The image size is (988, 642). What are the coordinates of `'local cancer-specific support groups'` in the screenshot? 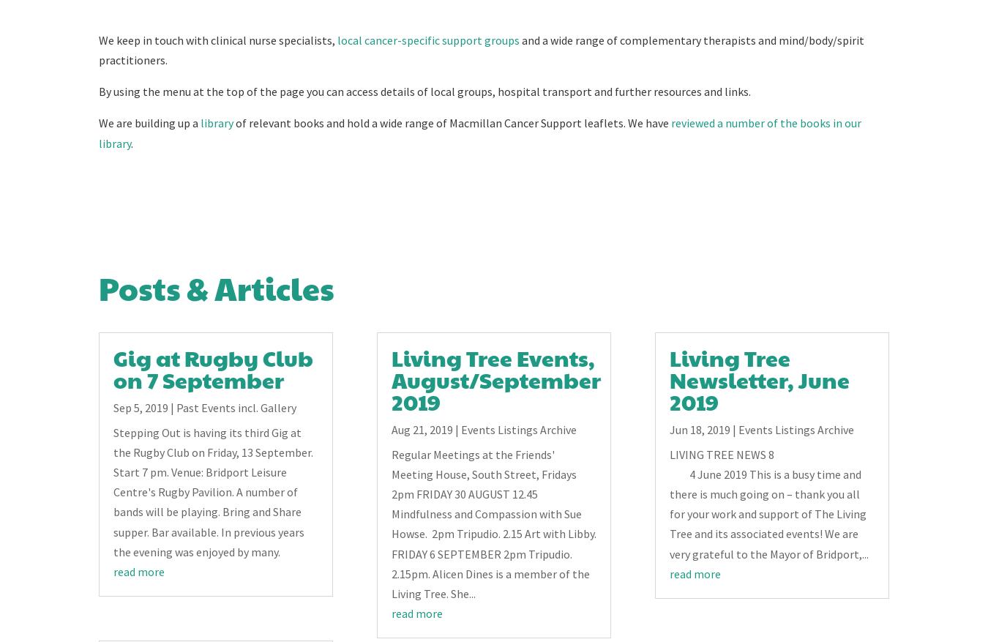 It's located at (428, 40).